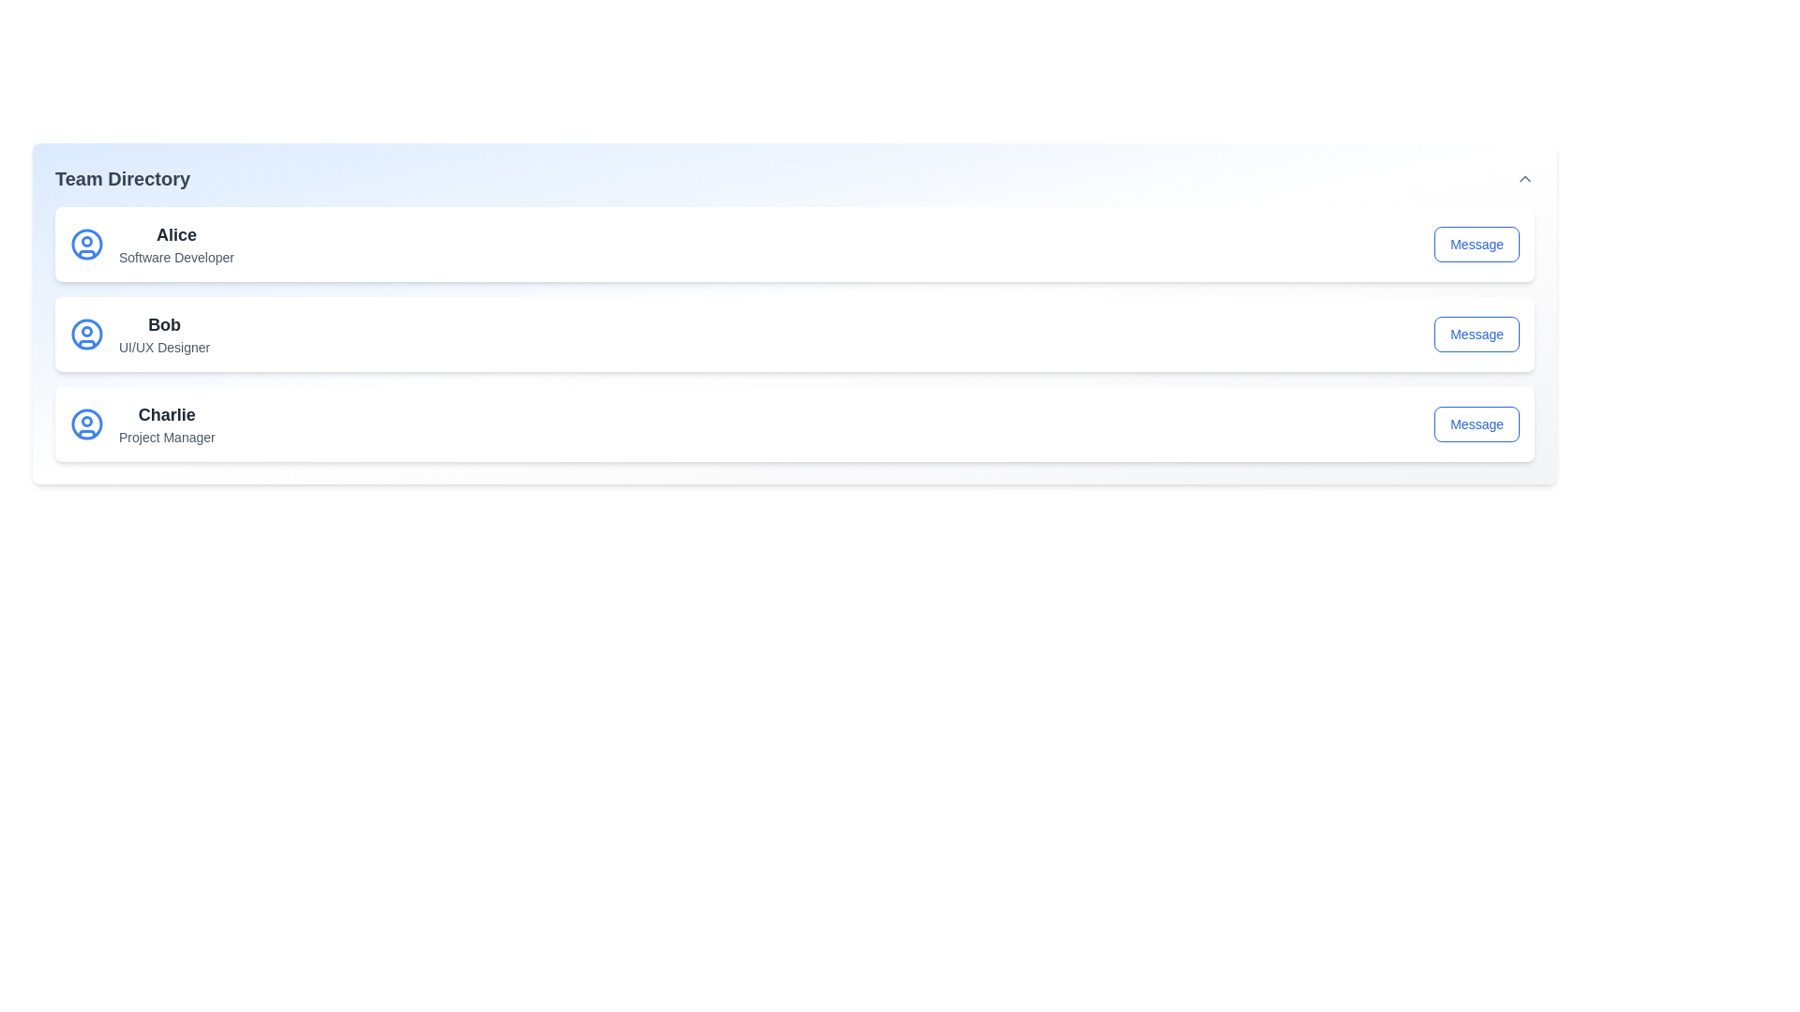  What do you see at coordinates (164, 347) in the screenshot?
I see `the text label that provides information about the role or designation of the user named 'Bob', which is positioned directly beneath the text 'Bob' in the team directory` at bounding box center [164, 347].